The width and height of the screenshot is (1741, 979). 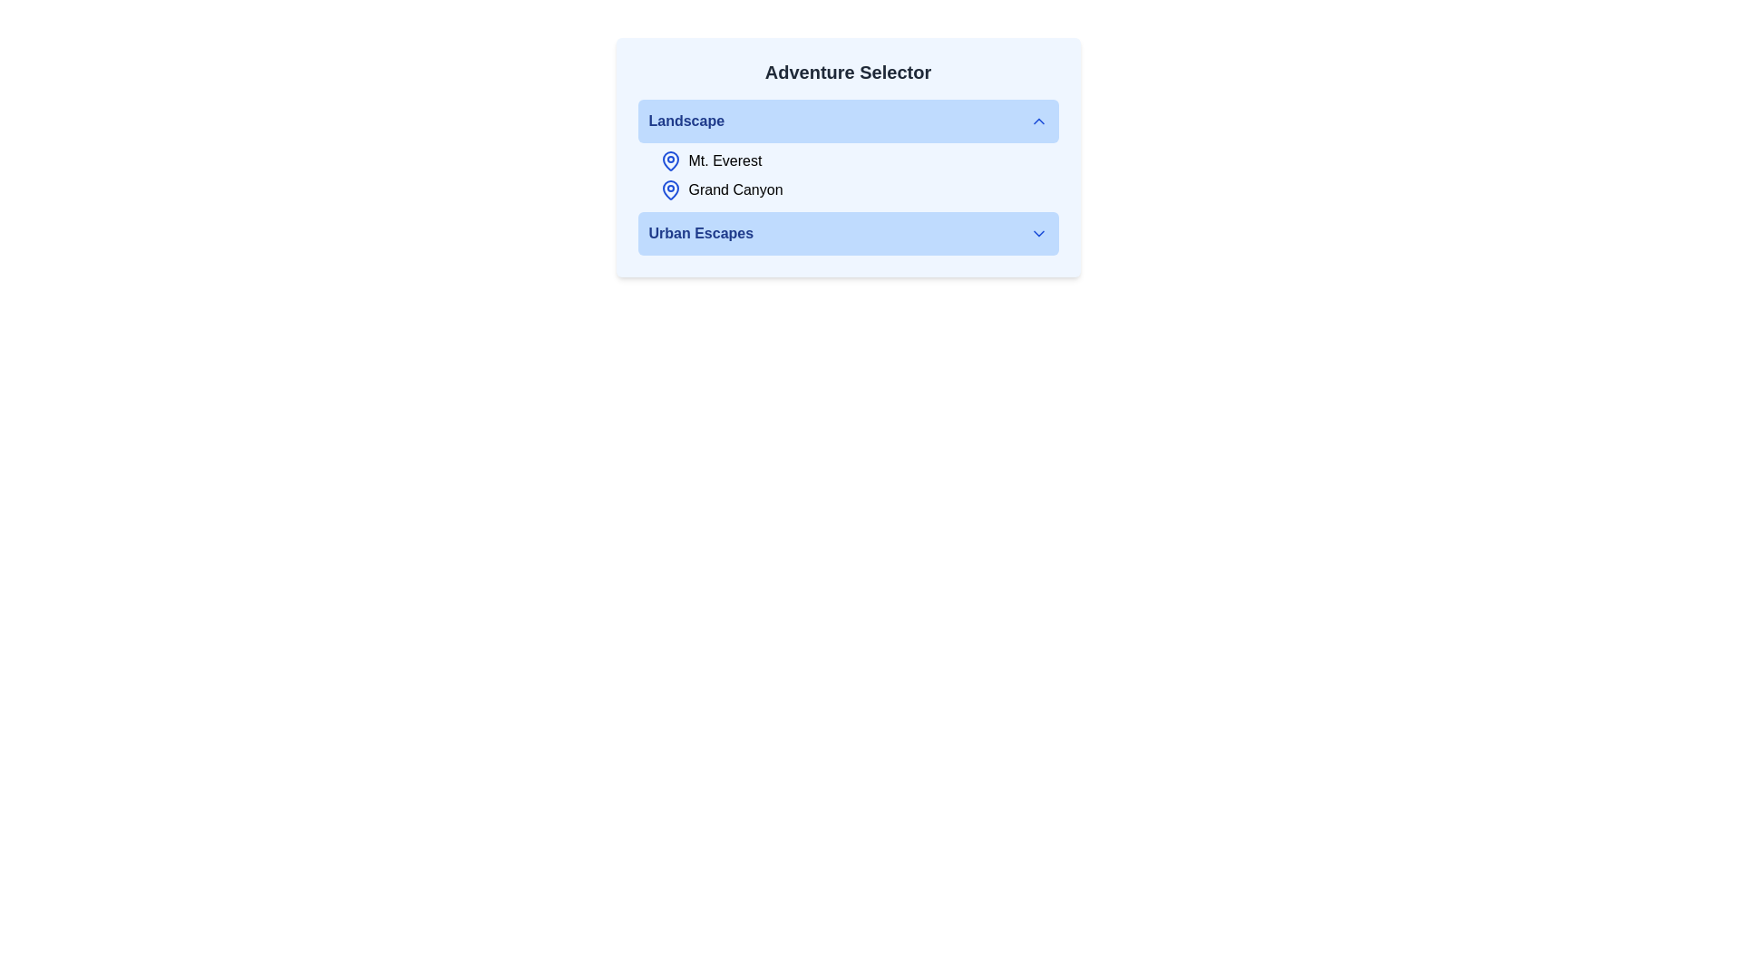 I want to click on the pin-shaped graphical icon with a blue border in the 'Landscape' dropdown menu next to 'Grand Canyon', so click(x=669, y=160).